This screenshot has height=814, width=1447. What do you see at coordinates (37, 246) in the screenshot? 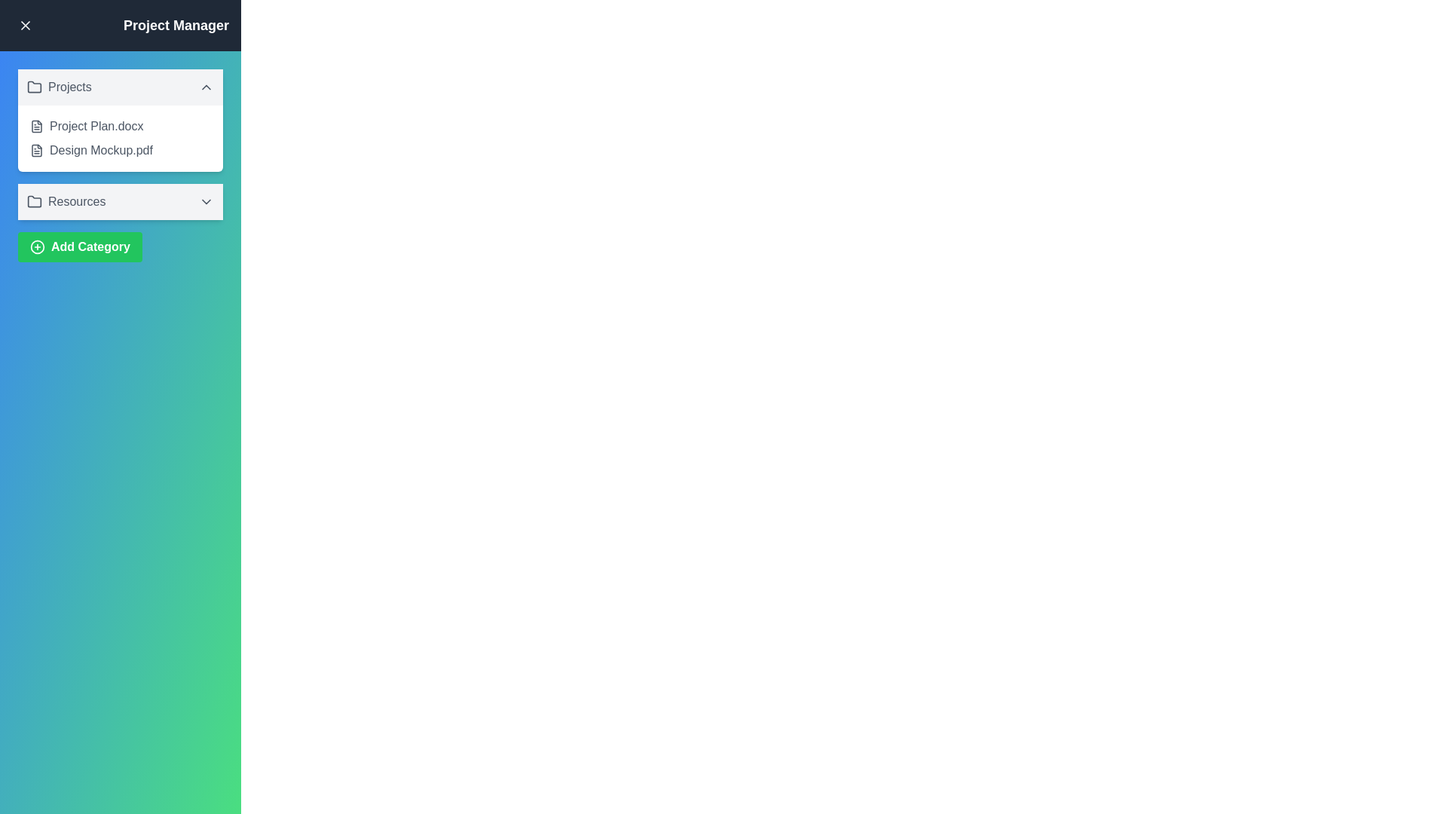
I see `the decorative vector graphic circle located at the center of the green 'Add Category' button in the lower left section of the layout` at bounding box center [37, 246].